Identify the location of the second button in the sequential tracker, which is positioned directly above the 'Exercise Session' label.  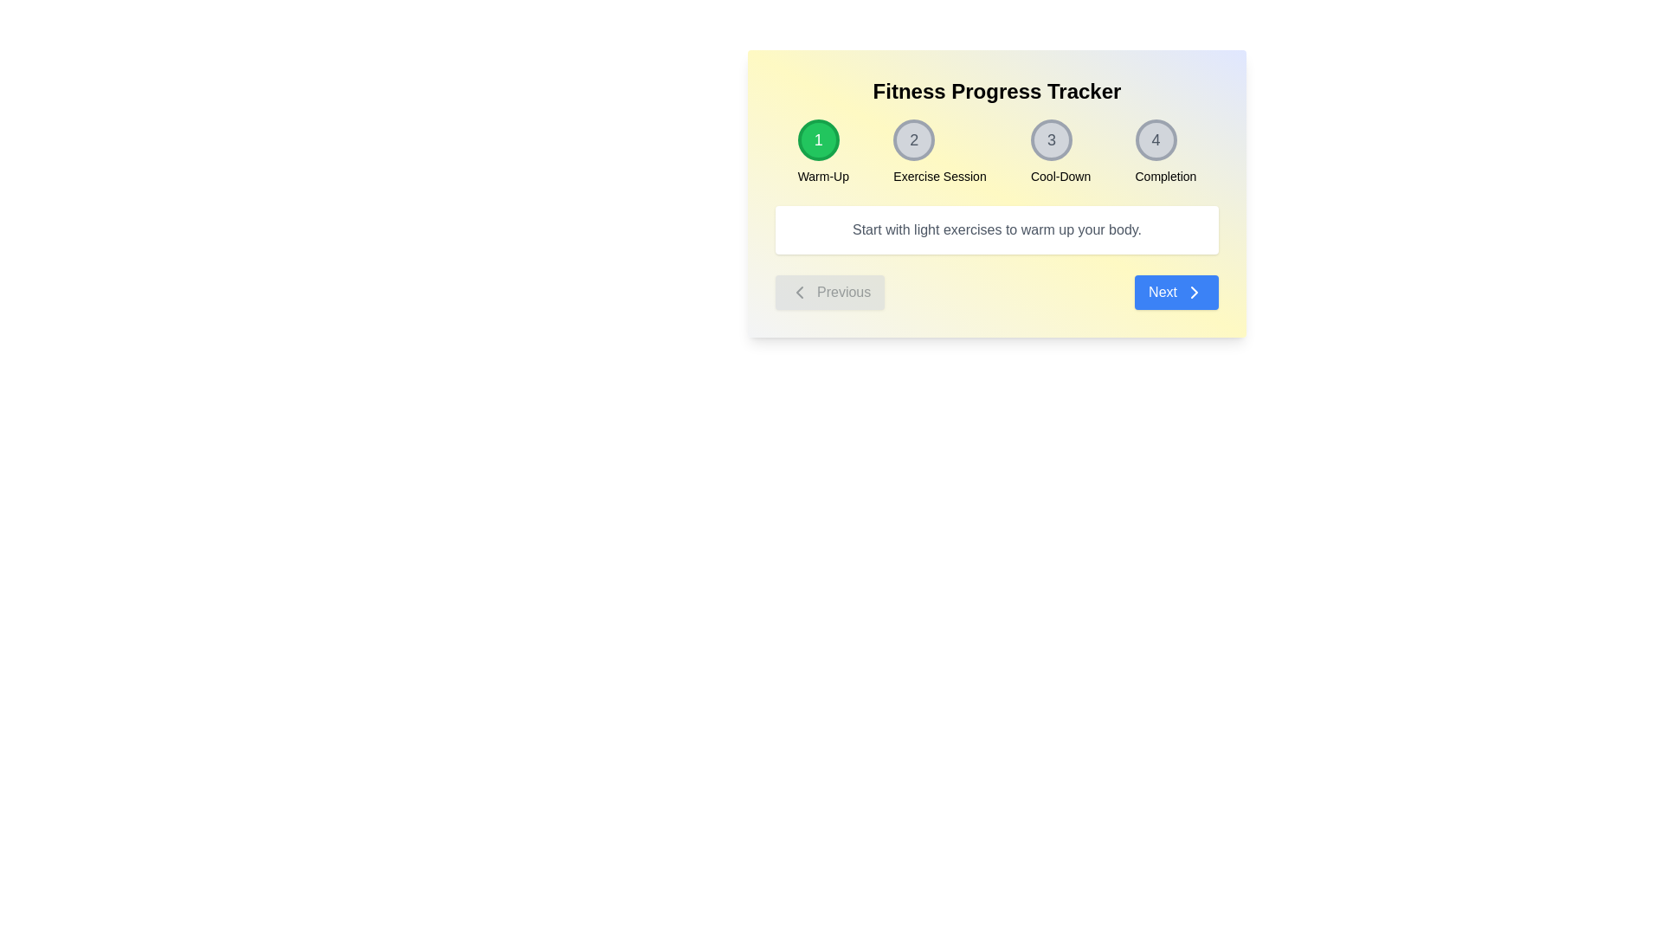
(913, 139).